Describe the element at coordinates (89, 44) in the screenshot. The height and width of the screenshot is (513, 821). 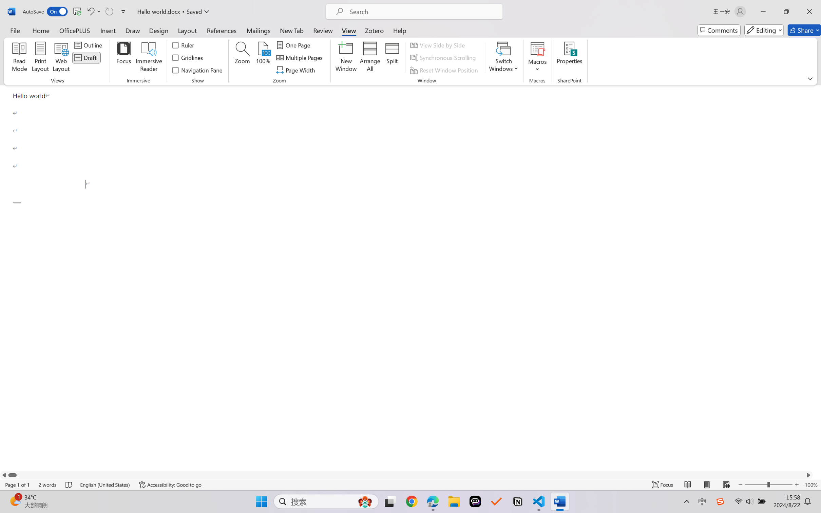
I see `'Outline'` at that location.